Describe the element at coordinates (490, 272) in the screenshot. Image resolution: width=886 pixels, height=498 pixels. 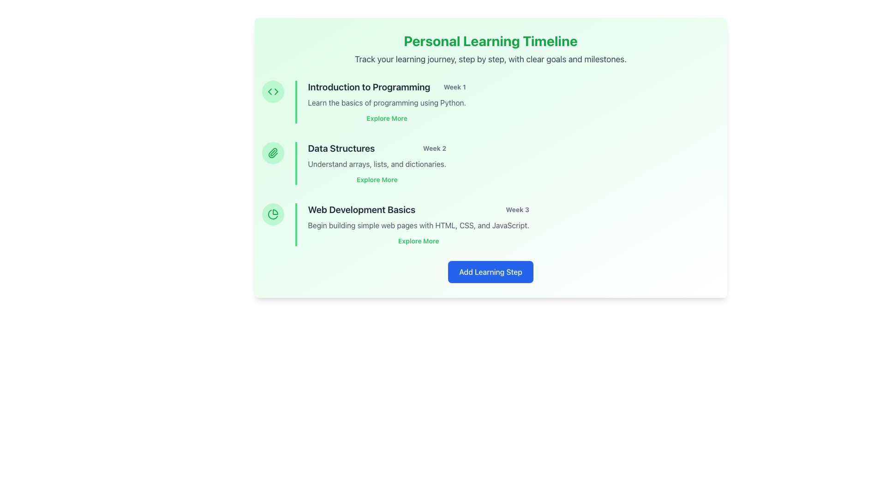
I see `the rectangular button with rounded corners and blue background that reads 'Add Learning Step'` at that location.